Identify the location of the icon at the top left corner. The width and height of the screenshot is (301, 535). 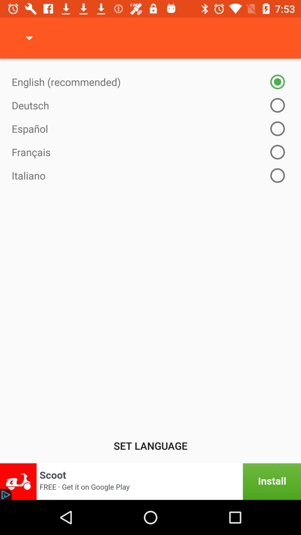
(29, 38).